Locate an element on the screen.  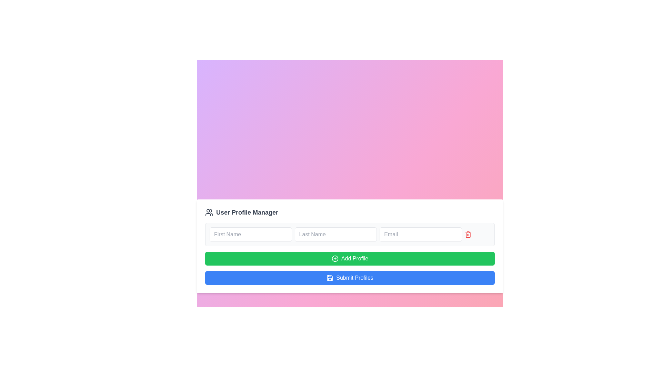
the 'Submit Profiles' button by clicking on its text, which is accompanied by a small floppy disk icon on the left side is located at coordinates (330, 277).